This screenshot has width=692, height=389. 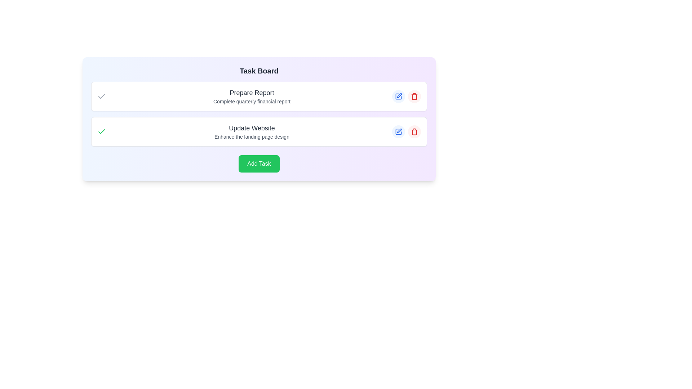 I want to click on the stylized pen icon with a blue outline located inside a circular button to initiate an edit action, so click(x=399, y=95).